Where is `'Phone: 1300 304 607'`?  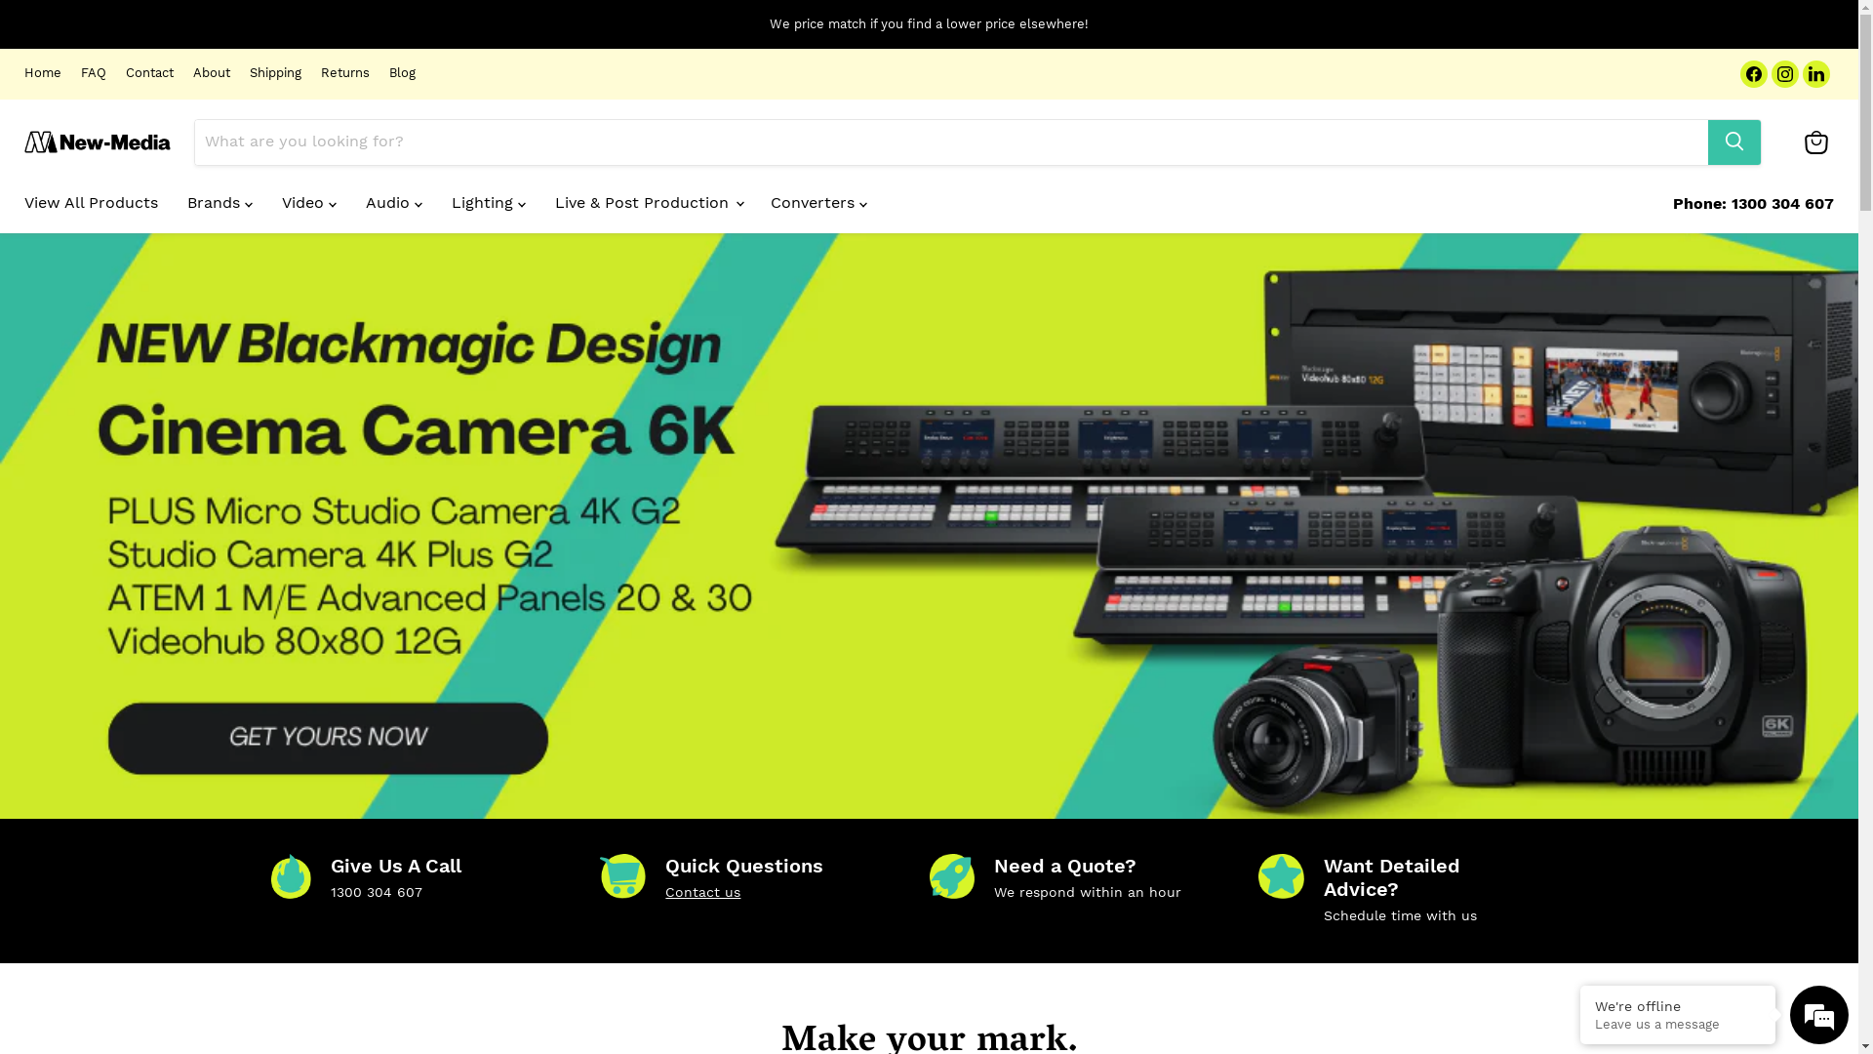 'Phone: 1300 304 607' is located at coordinates (1753, 203).